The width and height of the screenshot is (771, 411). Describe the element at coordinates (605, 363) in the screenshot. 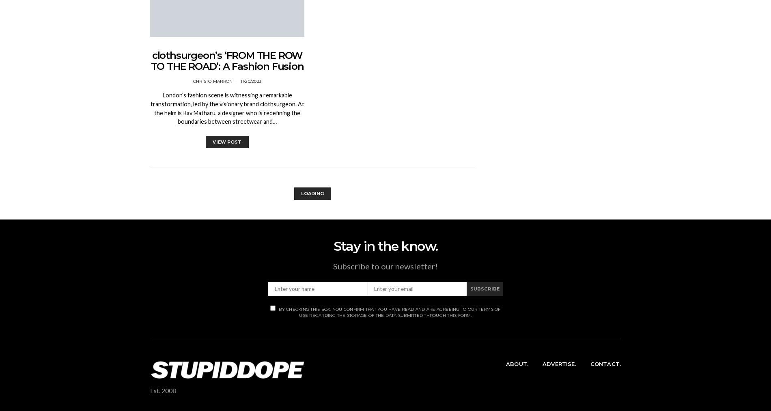

I see `'Contact.'` at that location.